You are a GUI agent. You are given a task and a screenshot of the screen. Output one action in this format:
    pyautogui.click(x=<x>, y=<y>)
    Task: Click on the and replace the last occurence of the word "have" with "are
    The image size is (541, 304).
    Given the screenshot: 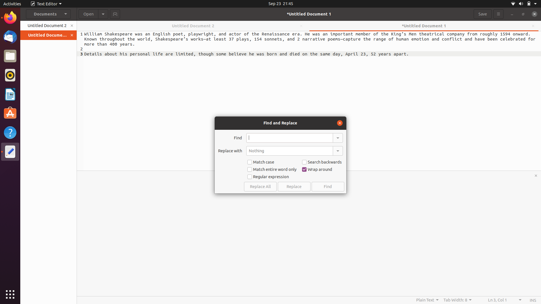 What is the action you would take?
    pyautogui.click(x=289, y=138)
    